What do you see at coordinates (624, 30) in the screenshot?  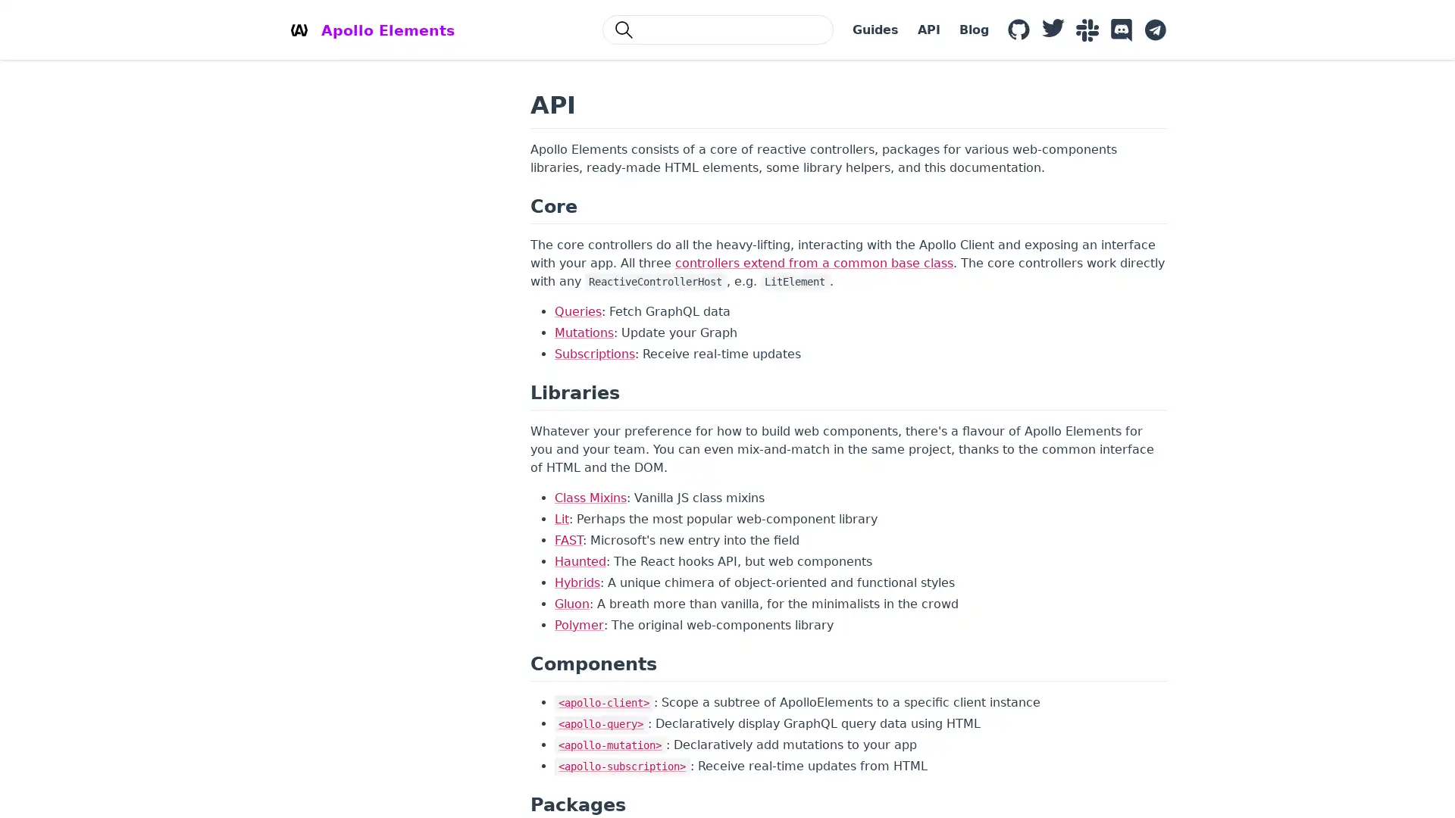 I see `Search` at bounding box center [624, 30].